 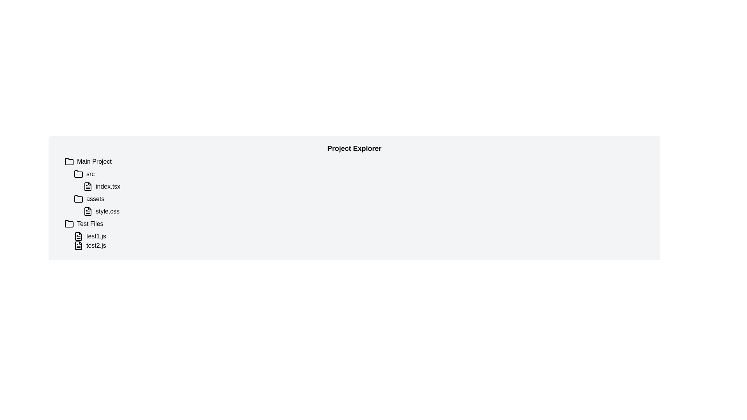 I want to click on the black folder icon located to the left of the 'Main Project' label, so click(x=69, y=161).